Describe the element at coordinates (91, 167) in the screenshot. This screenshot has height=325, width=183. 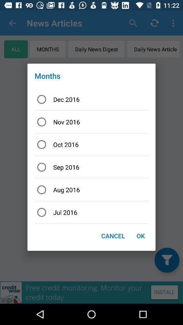
I see `the sep 2016` at that location.